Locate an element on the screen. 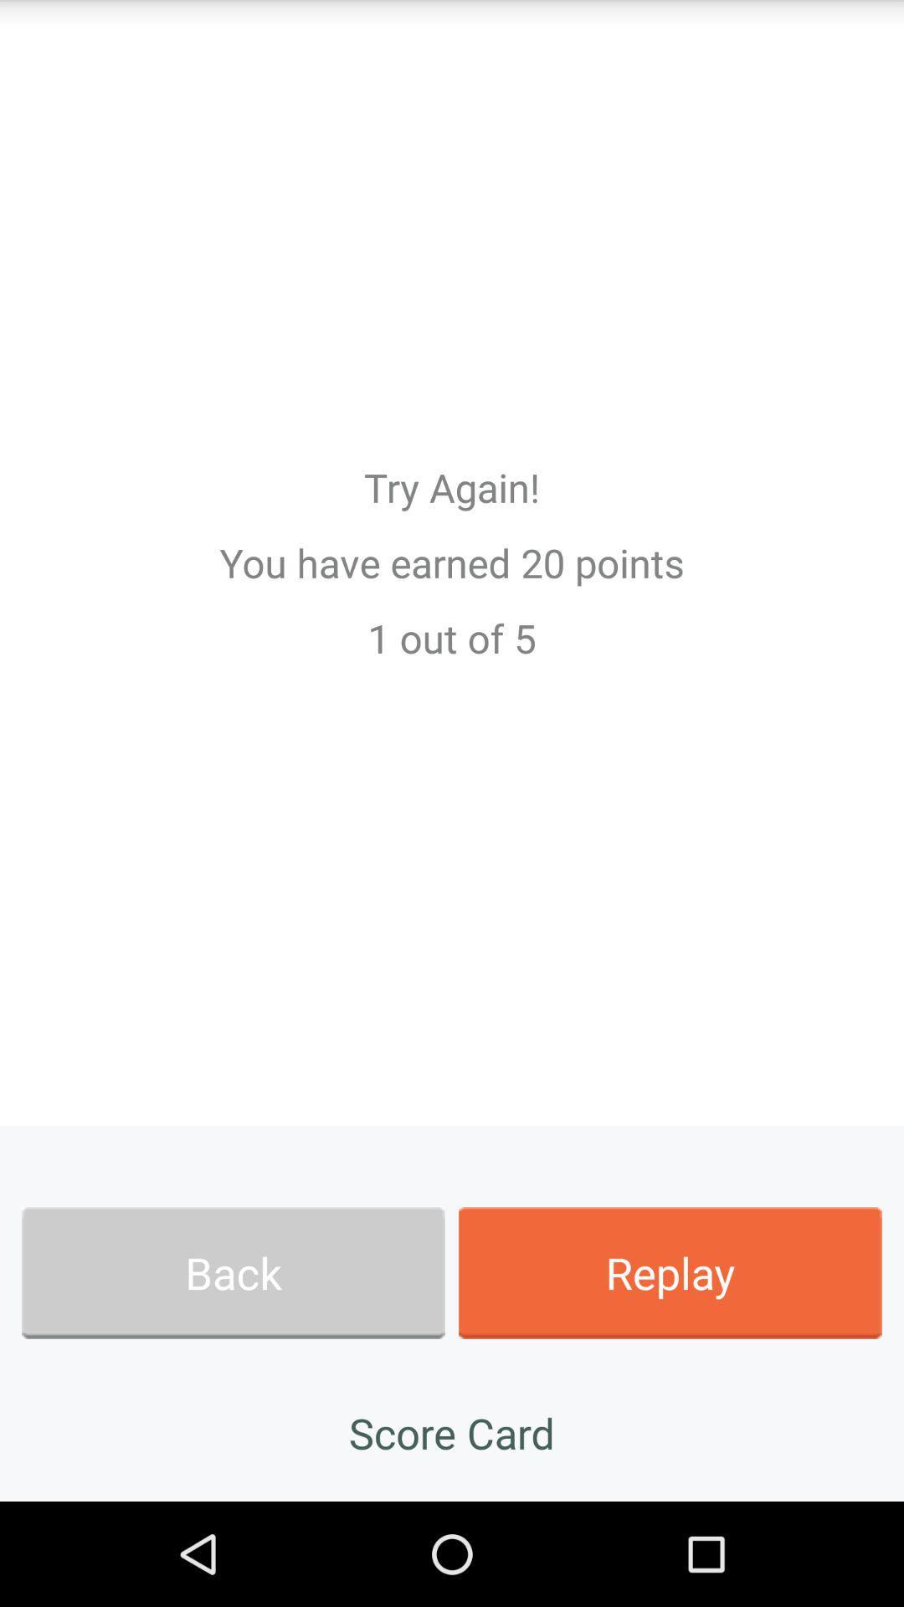  the back icon is located at coordinates (233, 1272).